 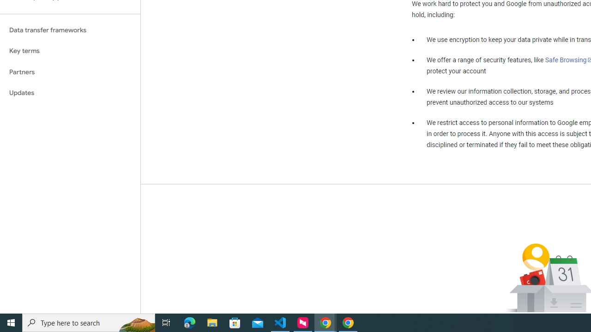 What do you see at coordinates (70, 93) in the screenshot?
I see `'Updates'` at bounding box center [70, 93].